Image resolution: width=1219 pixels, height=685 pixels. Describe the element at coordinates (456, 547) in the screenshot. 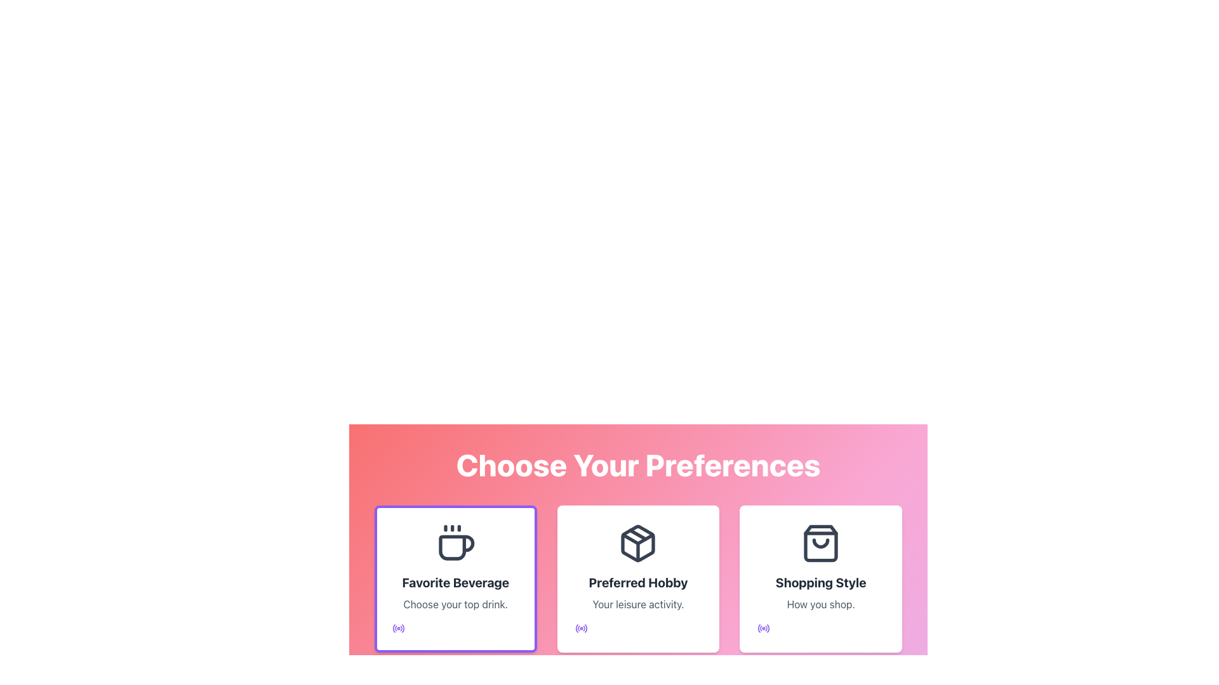

I see `the main body of the coffee cup icon located at the bottom region of the 'Favorite Beverage' card` at that location.